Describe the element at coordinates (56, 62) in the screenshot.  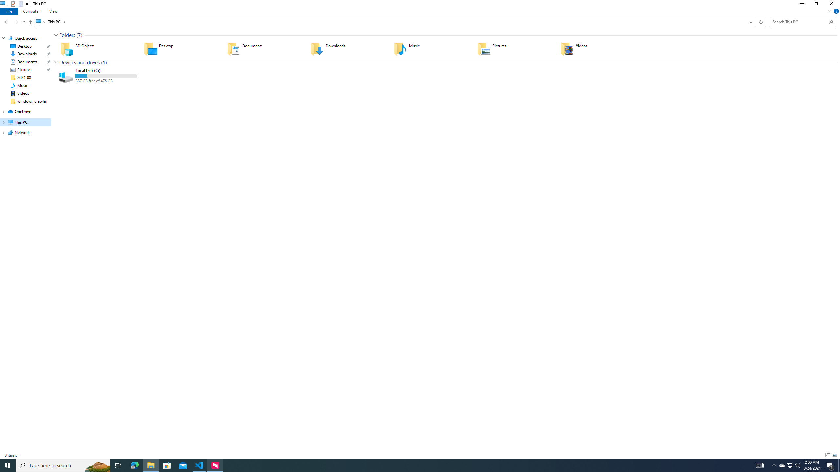
I see `'Collapse Group'` at that location.